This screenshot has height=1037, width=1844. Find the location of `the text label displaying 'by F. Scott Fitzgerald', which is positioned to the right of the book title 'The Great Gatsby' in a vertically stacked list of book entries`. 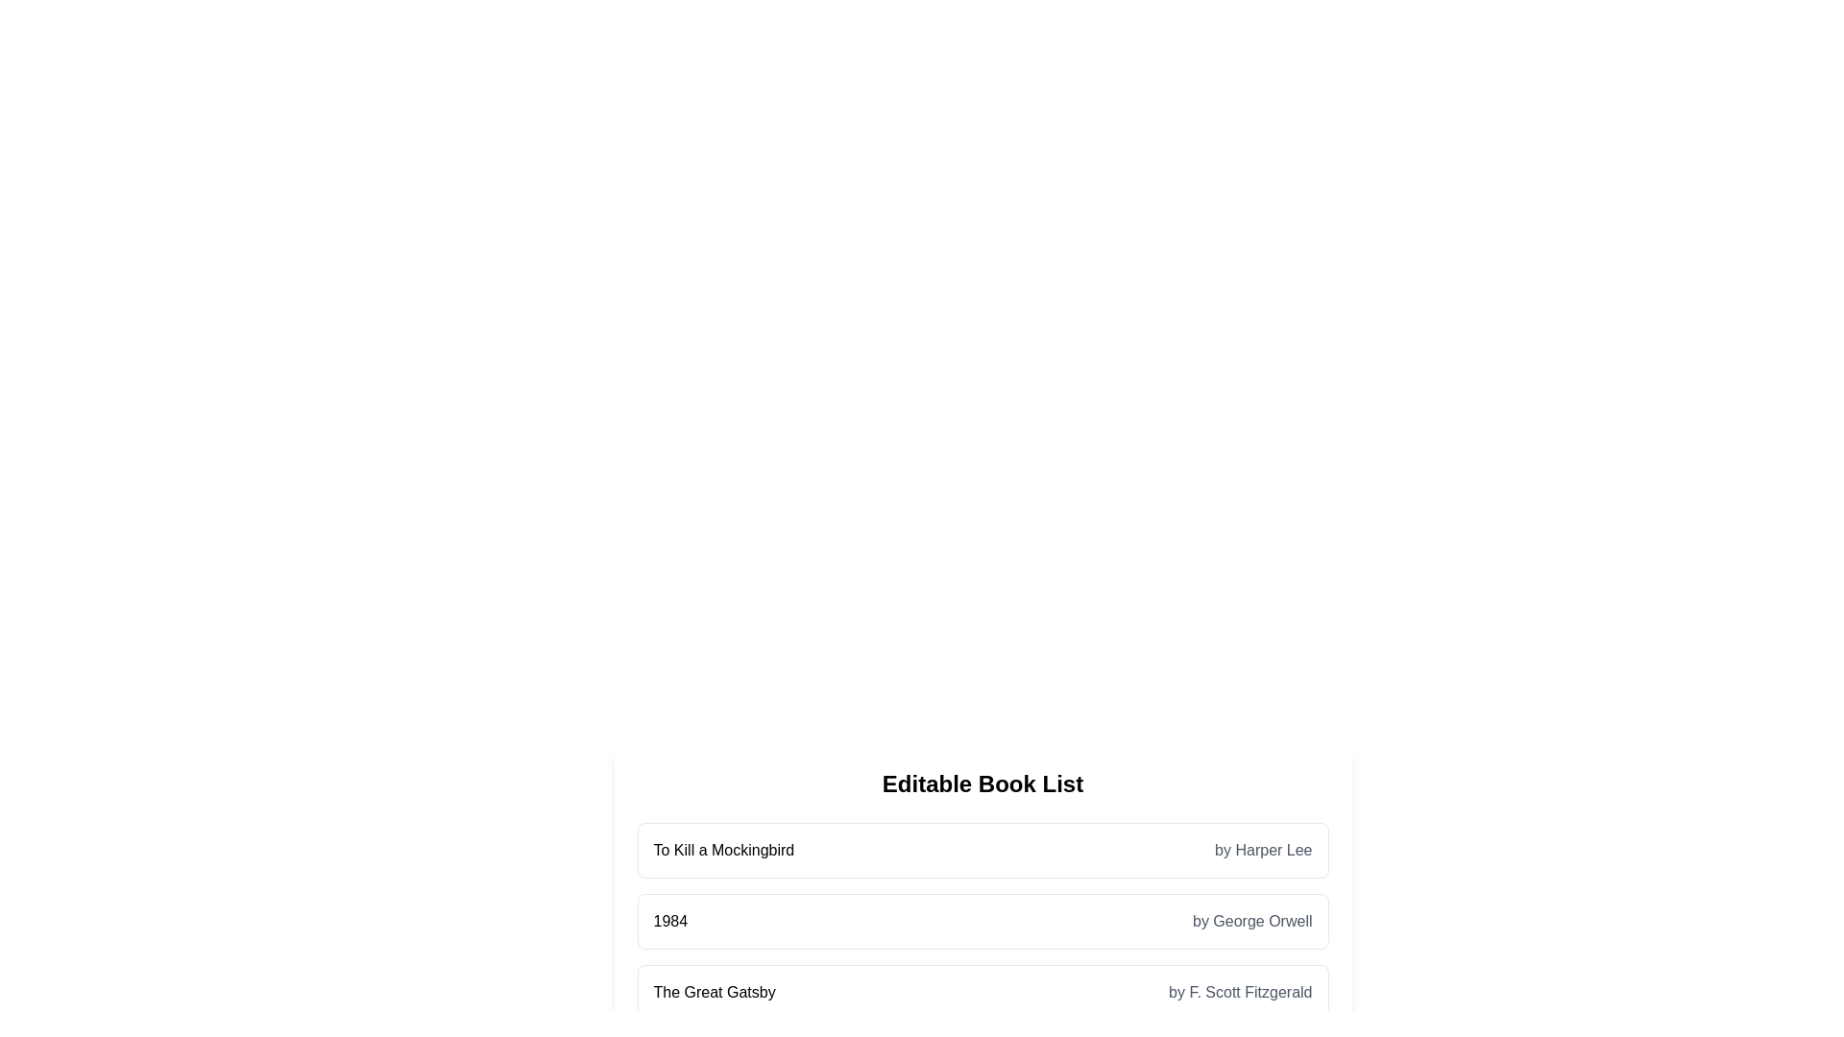

the text label displaying 'by F. Scott Fitzgerald', which is positioned to the right of the book title 'The Great Gatsby' in a vertically stacked list of book entries is located at coordinates (1240, 992).